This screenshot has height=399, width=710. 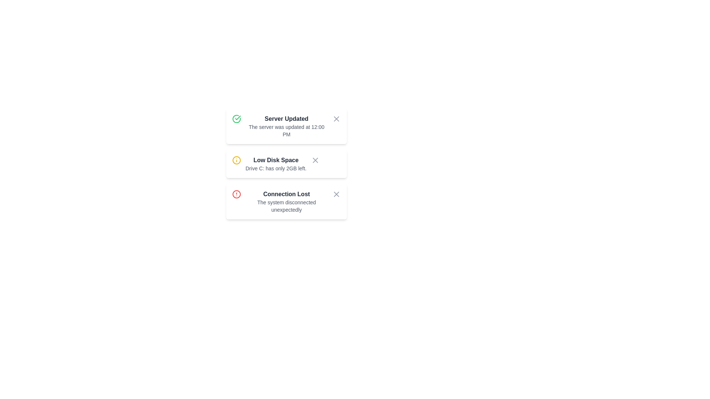 What do you see at coordinates (286, 202) in the screenshot?
I see `the notification card indicating a lost connection, which is positioned centrally in the lower part of the notification stack` at bounding box center [286, 202].